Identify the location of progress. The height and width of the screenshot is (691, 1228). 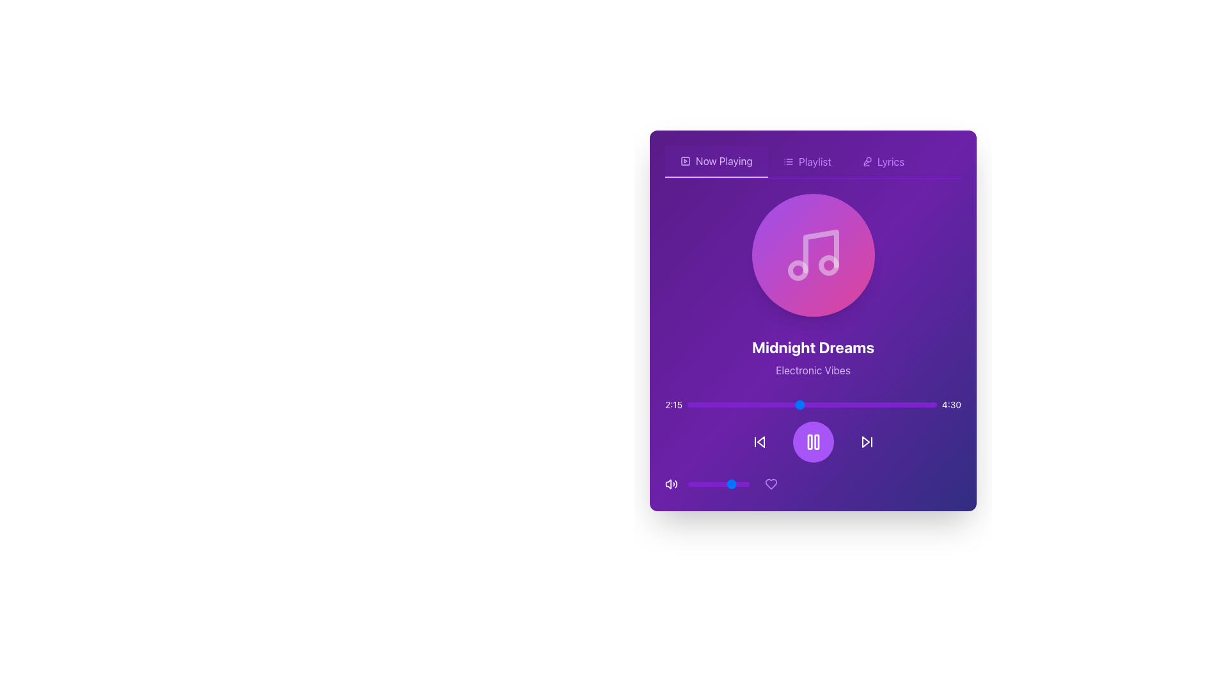
(874, 404).